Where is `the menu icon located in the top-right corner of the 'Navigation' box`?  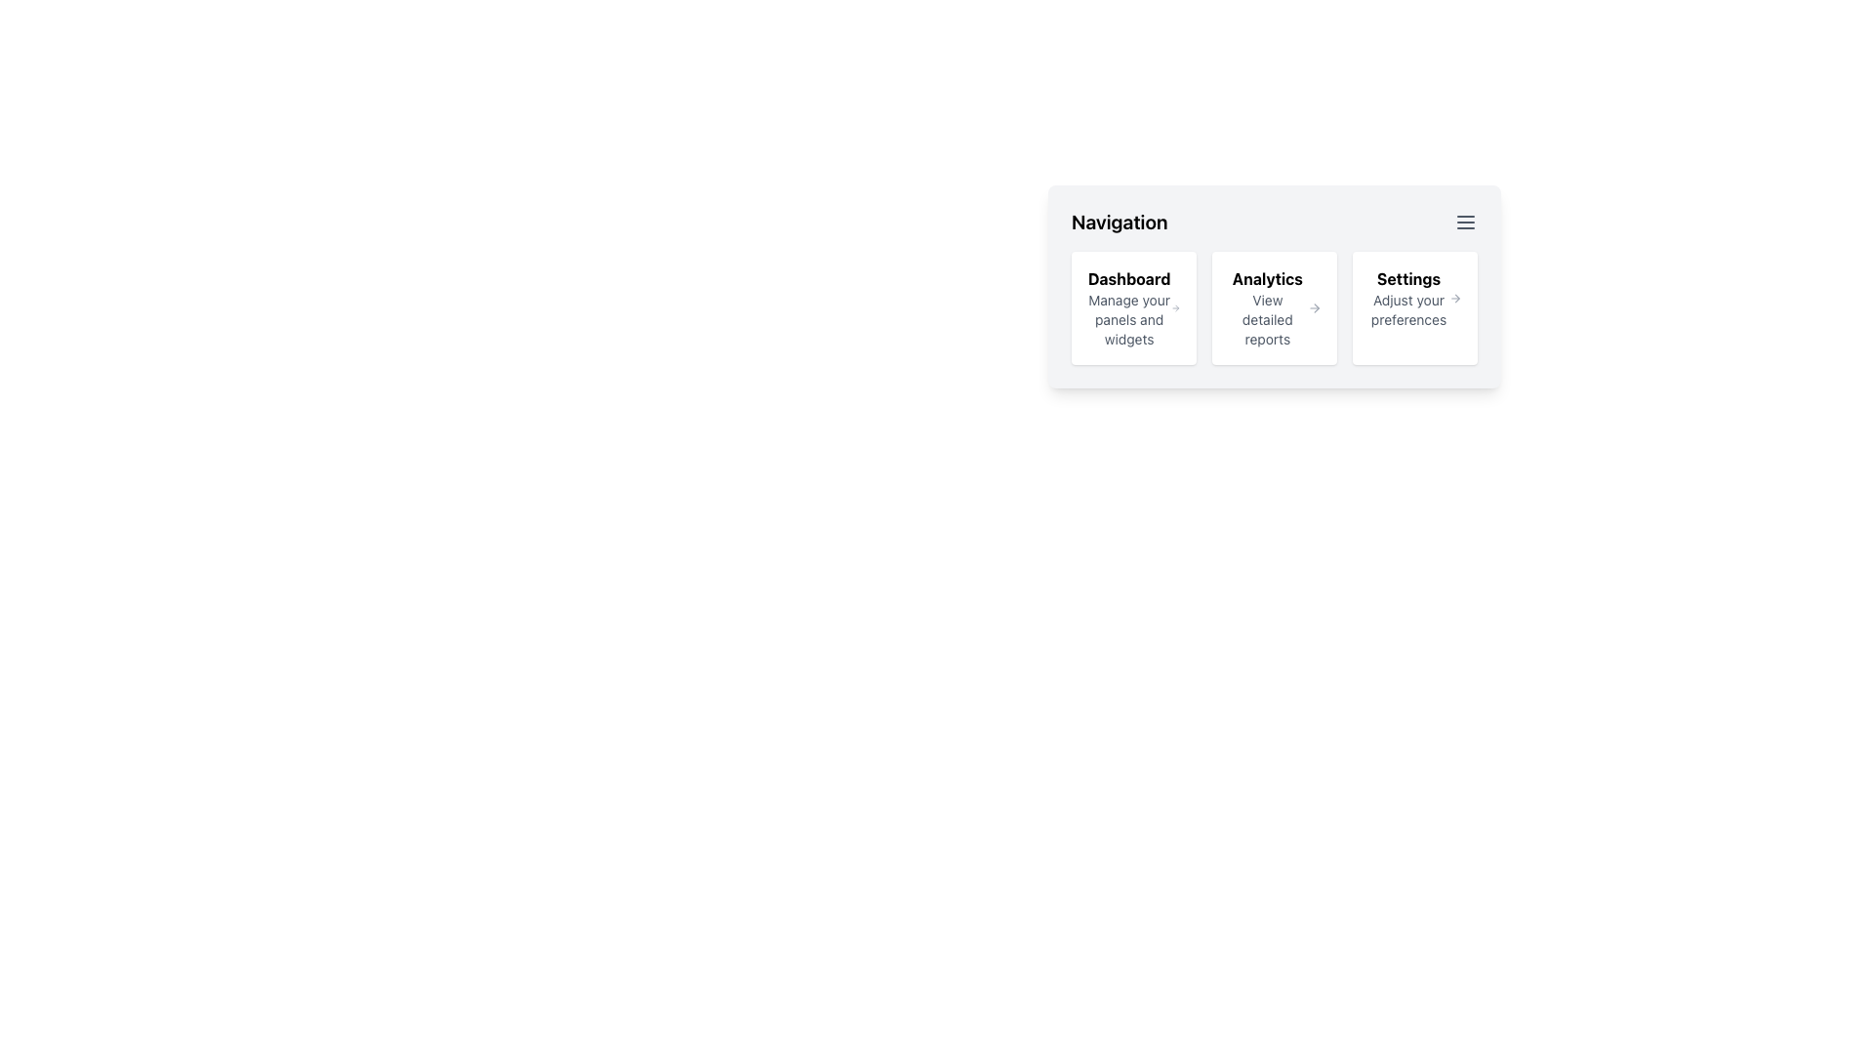
the menu icon located in the top-right corner of the 'Navigation' box is located at coordinates (1466, 221).